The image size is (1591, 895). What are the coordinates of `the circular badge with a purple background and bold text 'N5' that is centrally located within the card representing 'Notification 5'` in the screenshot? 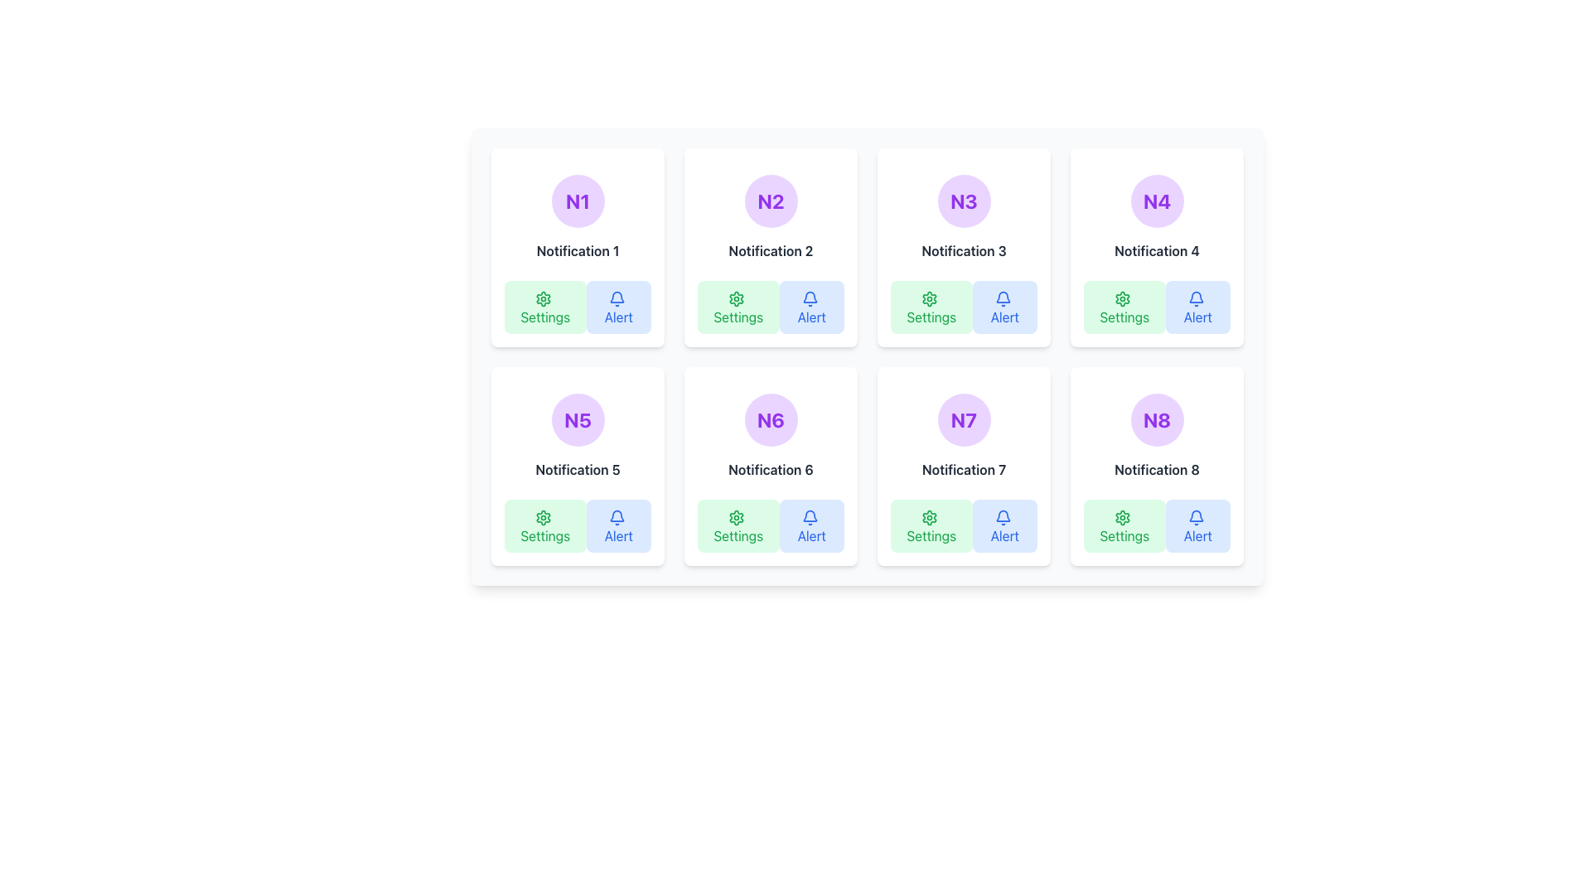 It's located at (578, 418).